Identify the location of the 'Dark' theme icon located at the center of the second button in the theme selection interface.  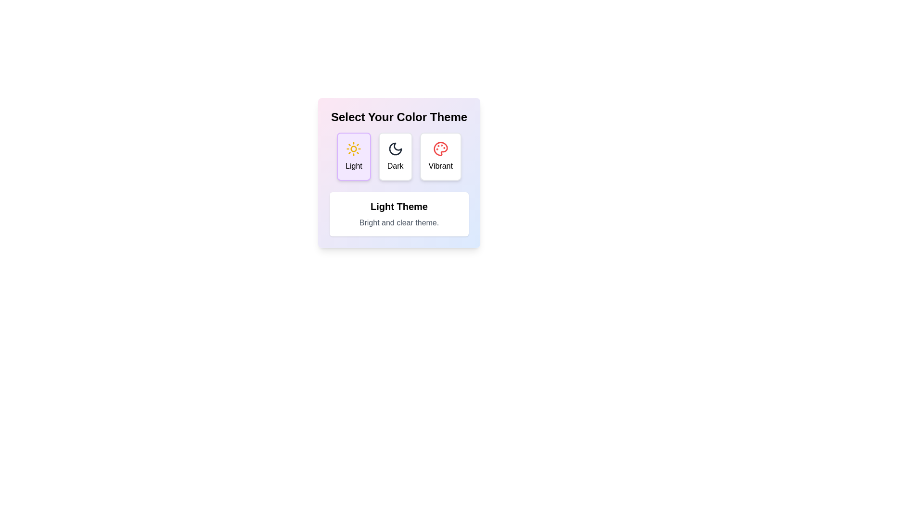
(395, 148).